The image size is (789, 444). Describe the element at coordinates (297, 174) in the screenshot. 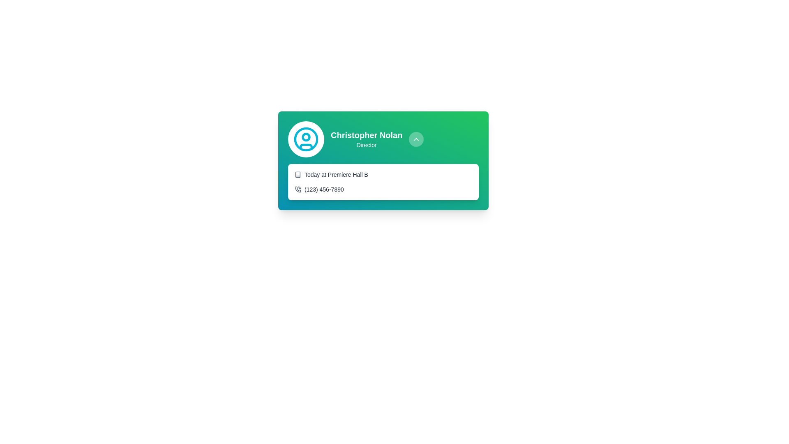

I see `the minimalist book icon located at the far left of the line containing the text 'Today at Premiere Hall B'` at that location.